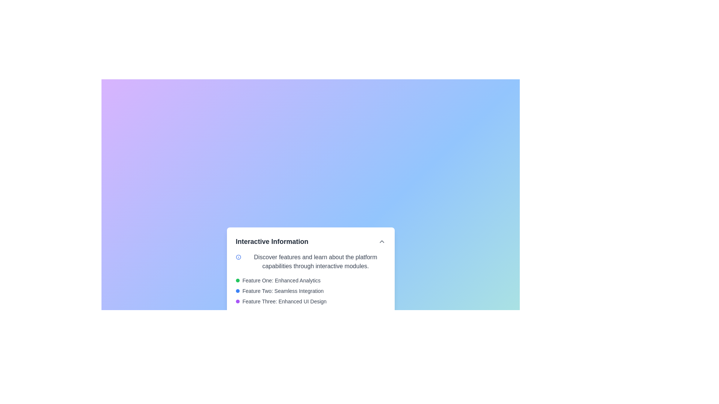 This screenshot has width=719, height=404. Describe the element at coordinates (310, 281) in the screenshot. I see `and understand the features listed in the Card component titled 'Interactive Information', which includes 'Feature One: Enhanced Analytics', 'Feature Two: Seamless Integration', and 'Feature Three: Enhanced UI Design'` at that location.